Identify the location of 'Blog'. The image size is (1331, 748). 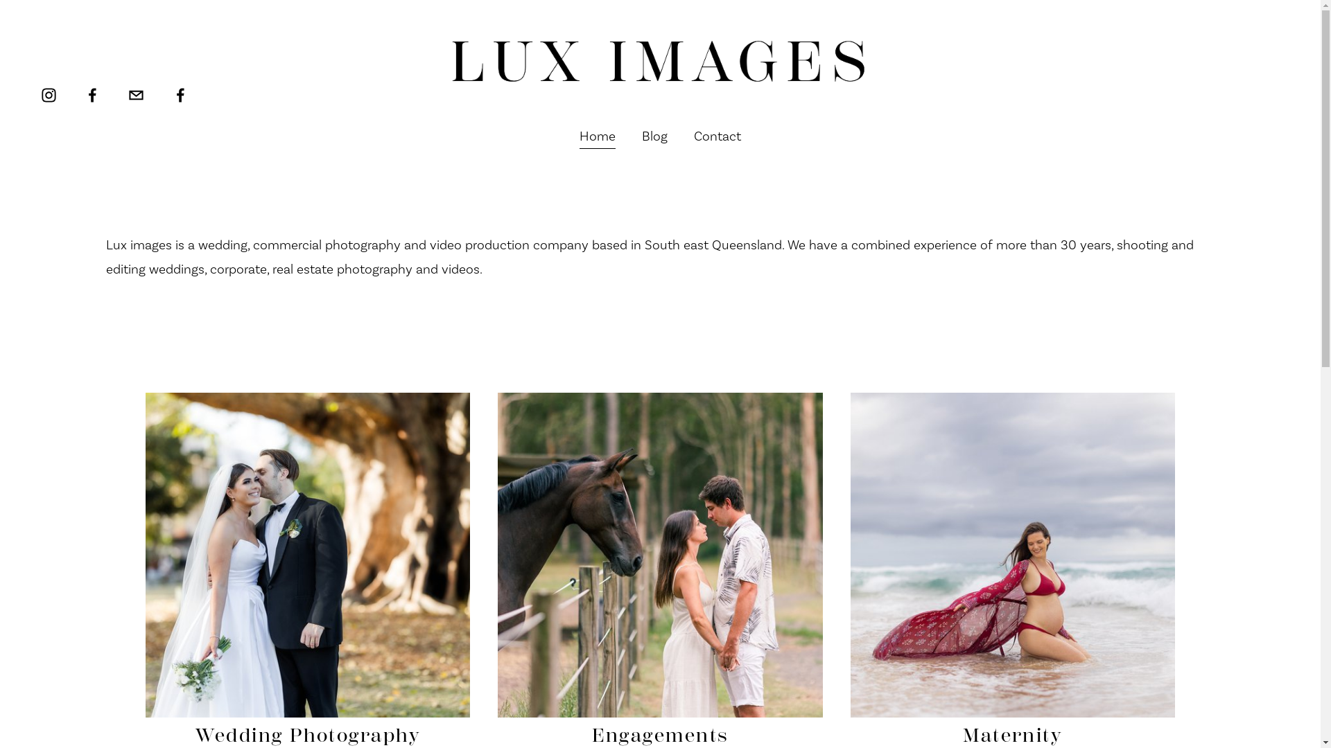
(654, 136).